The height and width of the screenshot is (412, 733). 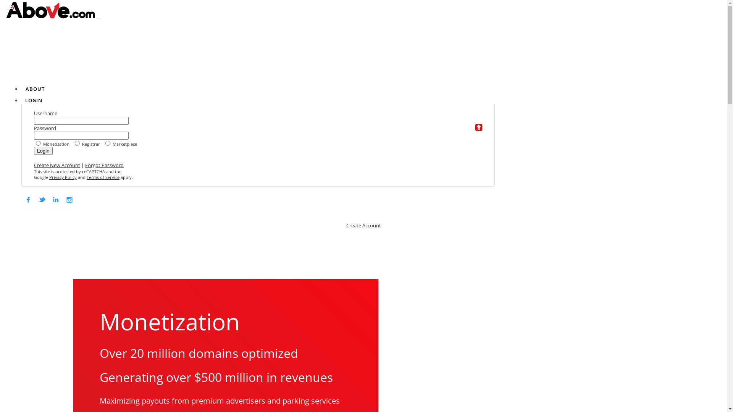 What do you see at coordinates (25, 100) in the screenshot?
I see `'LOGIN'` at bounding box center [25, 100].